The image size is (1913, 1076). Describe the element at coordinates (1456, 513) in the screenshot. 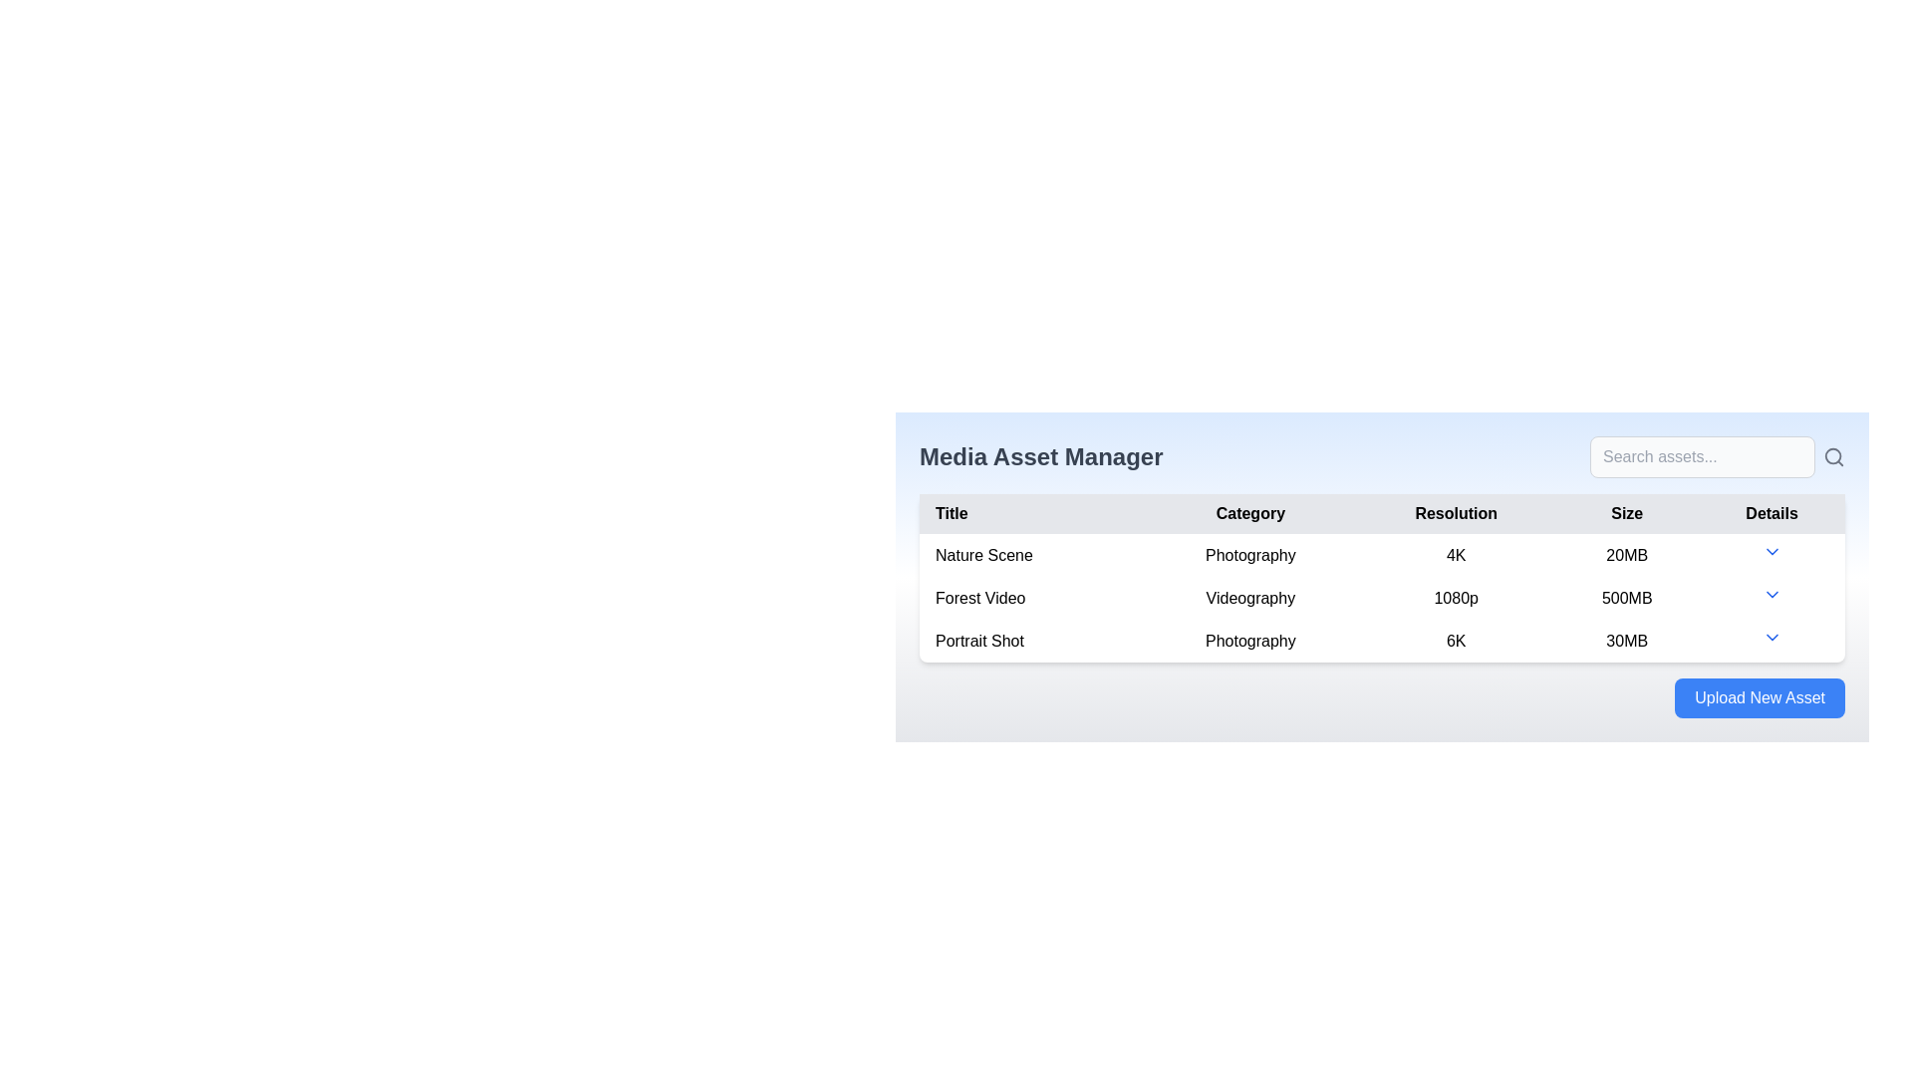

I see `the text label indicating display resolutions, which is the third column header in the table, positioned between 'Category' and 'Size'` at that location.